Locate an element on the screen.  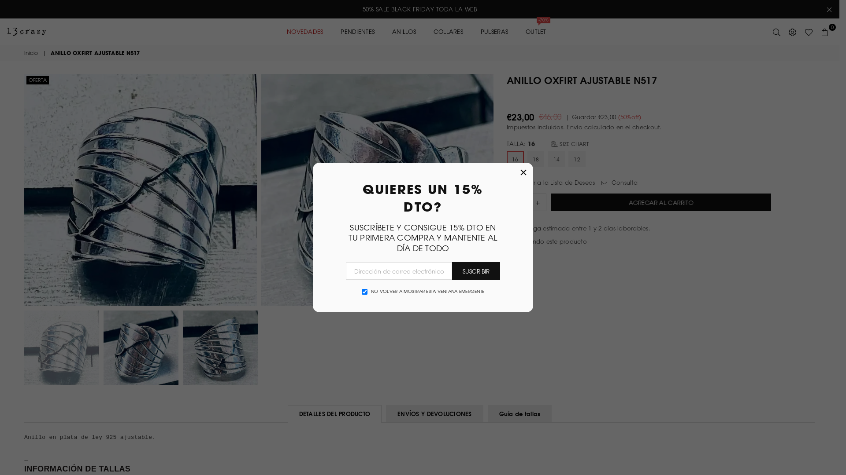
'SUSCRIBIR' is located at coordinates (475, 270).